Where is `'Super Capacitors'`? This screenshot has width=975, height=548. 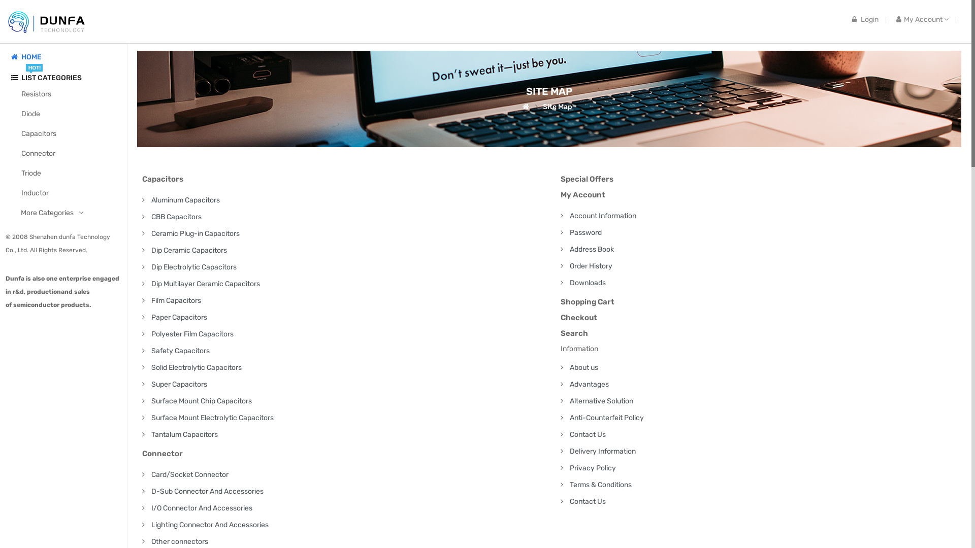 'Super Capacitors' is located at coordinates (179, 384).